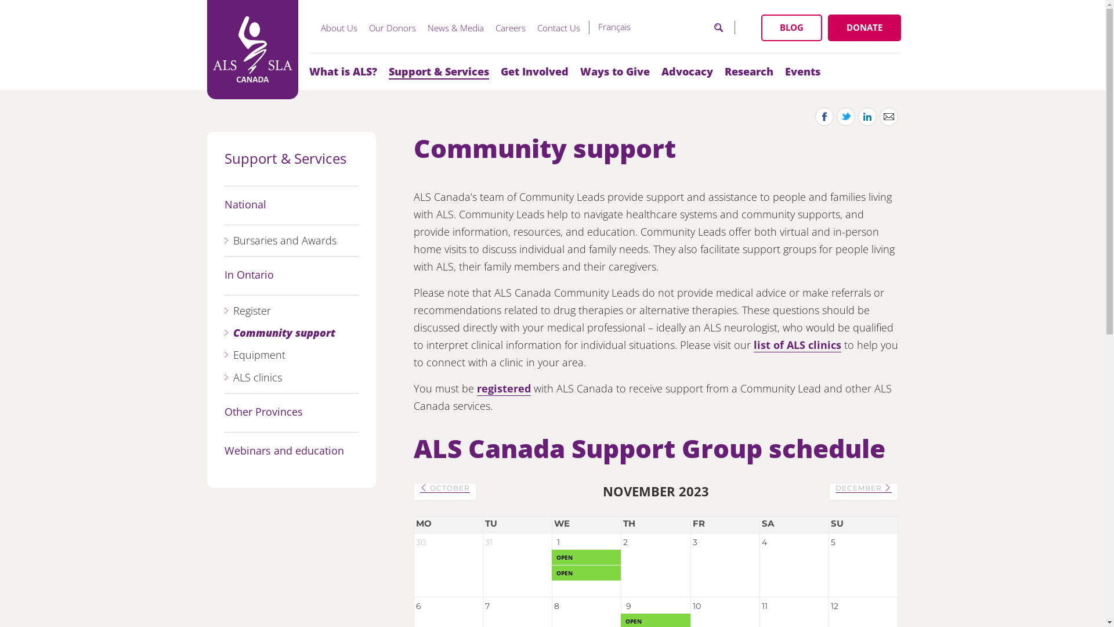  What do you see at coordinates (791, 27) in the screenshot?
I see `'BLOG'` at bounding box center [791, 27].